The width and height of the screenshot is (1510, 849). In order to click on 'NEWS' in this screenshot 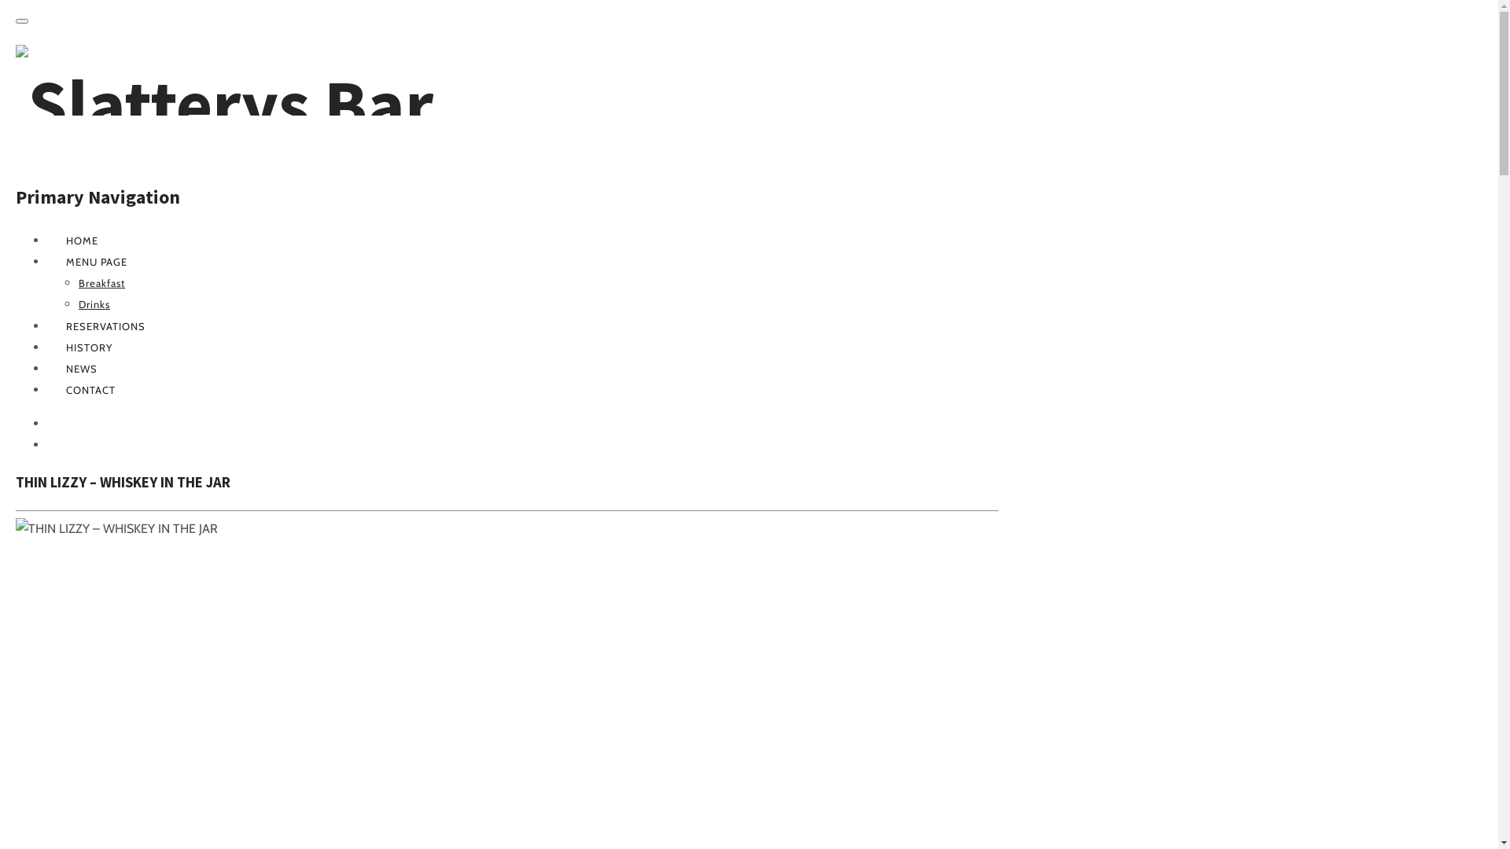, I will do `click(81, 369)`.